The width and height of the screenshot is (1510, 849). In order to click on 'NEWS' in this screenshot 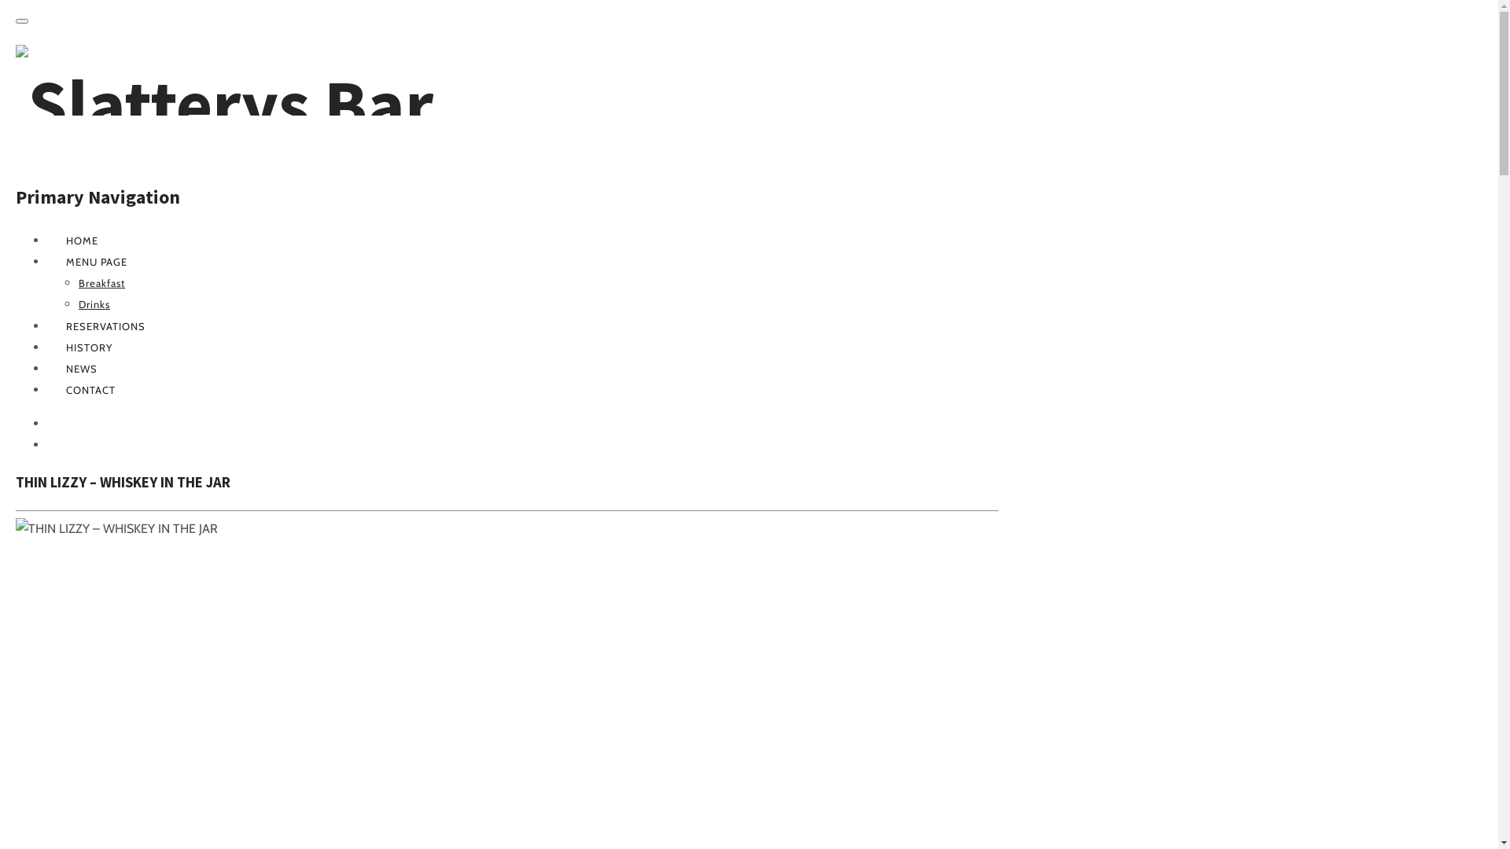, I will do `click(81, 369)`.